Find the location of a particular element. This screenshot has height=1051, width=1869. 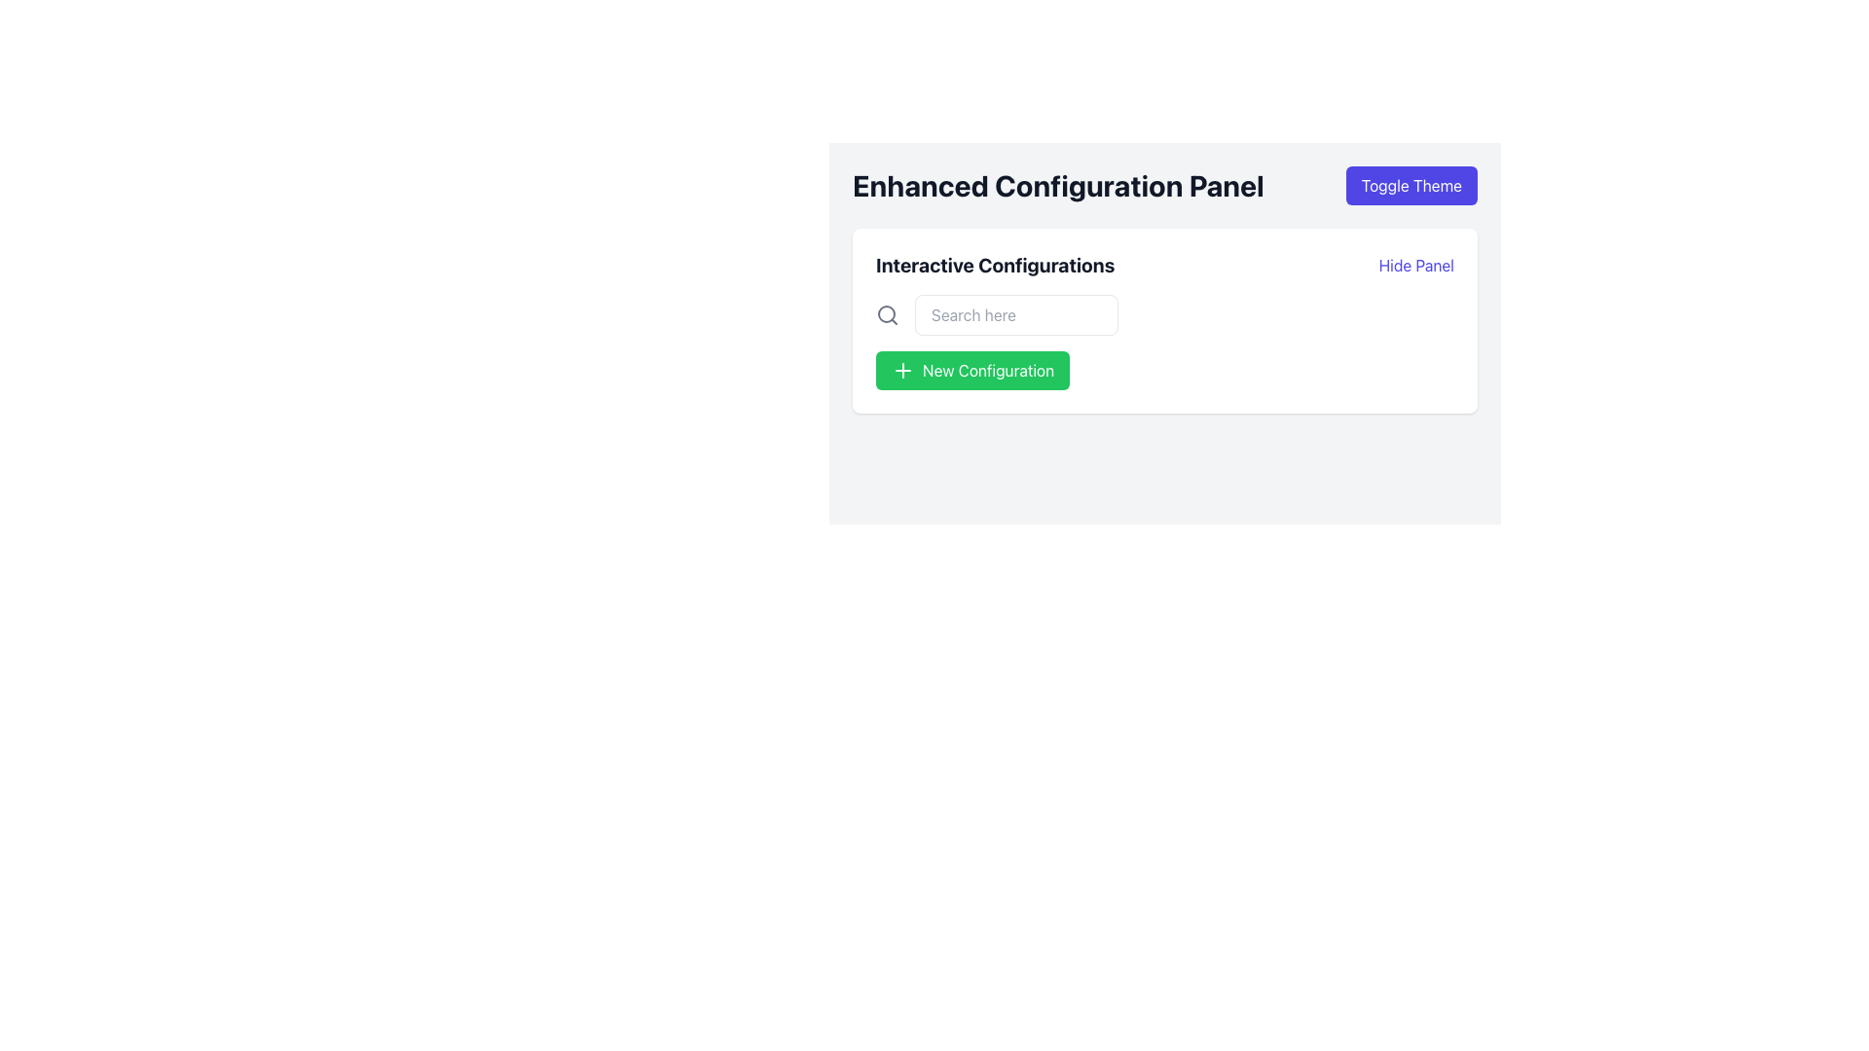

the magnifying glass icon, which indicates the search functionality for the 'Search here' text input field is located at coordinates (886, 313).